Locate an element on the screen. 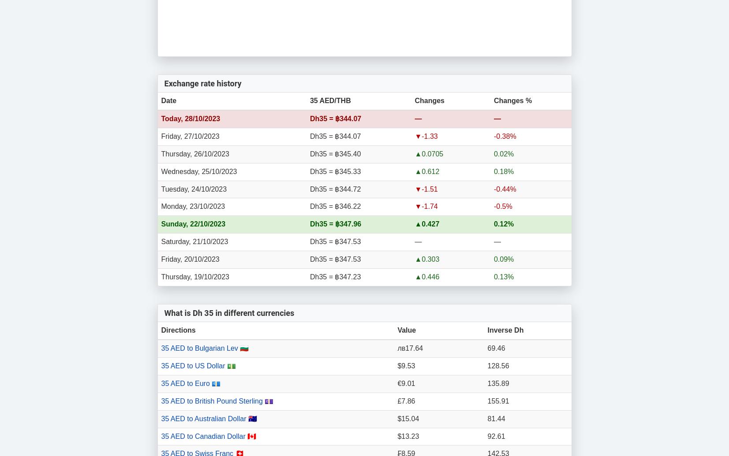 Image resolution: width=729 pixels, height=456 pixels. '20/10/2023' is located at coordinates (201, 259).